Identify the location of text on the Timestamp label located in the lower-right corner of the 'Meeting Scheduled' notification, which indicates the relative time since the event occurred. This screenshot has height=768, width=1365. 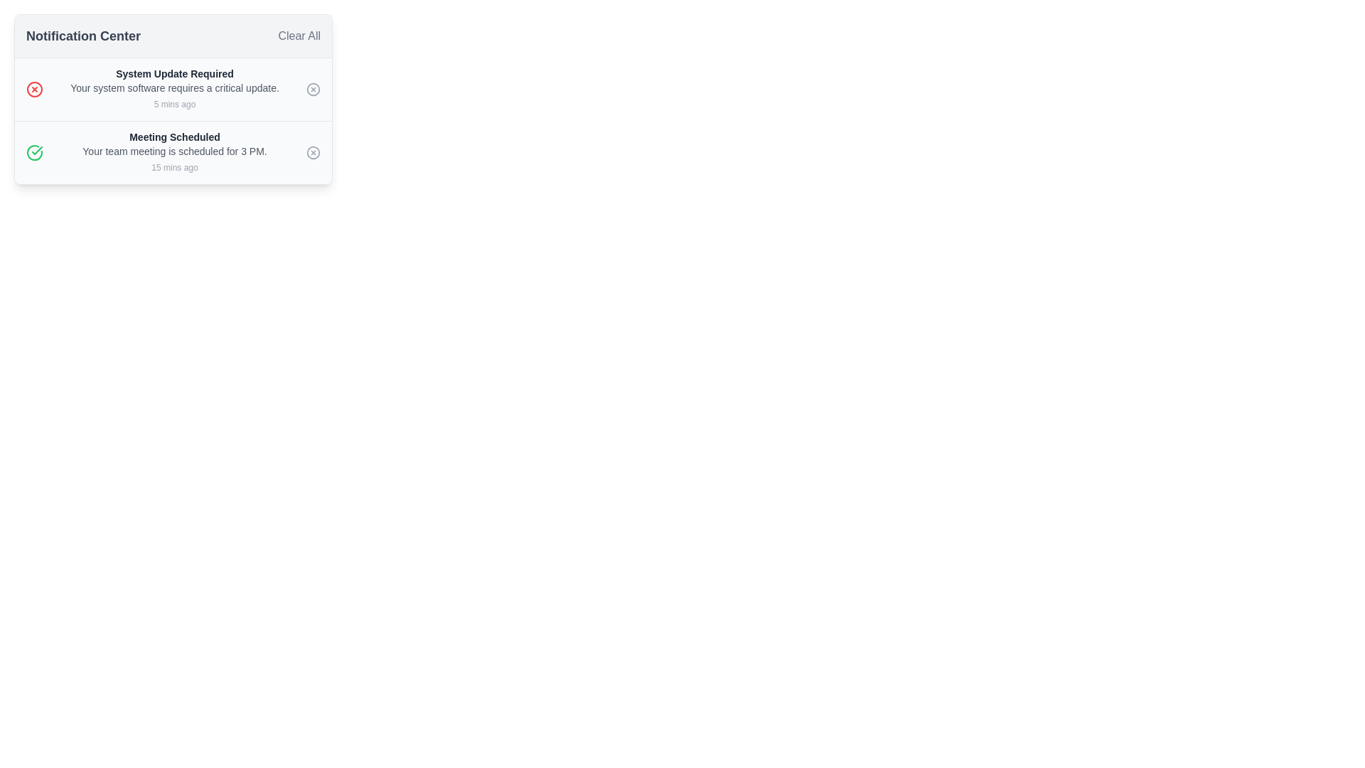
(173, 166).